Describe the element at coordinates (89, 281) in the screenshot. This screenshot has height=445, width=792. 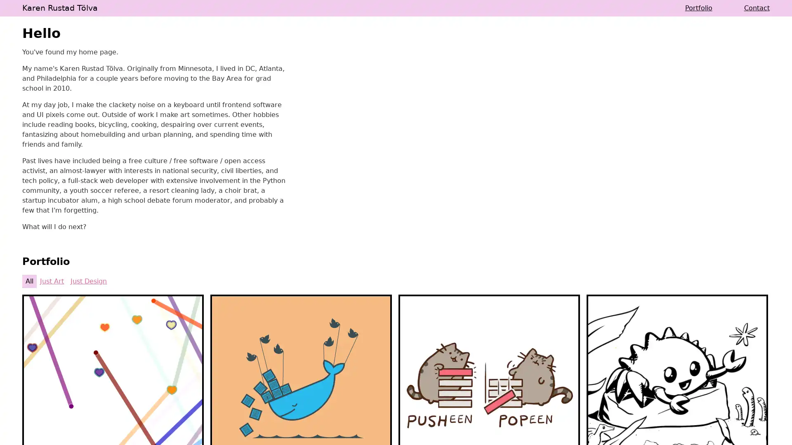
I see `Just Design` at that location.